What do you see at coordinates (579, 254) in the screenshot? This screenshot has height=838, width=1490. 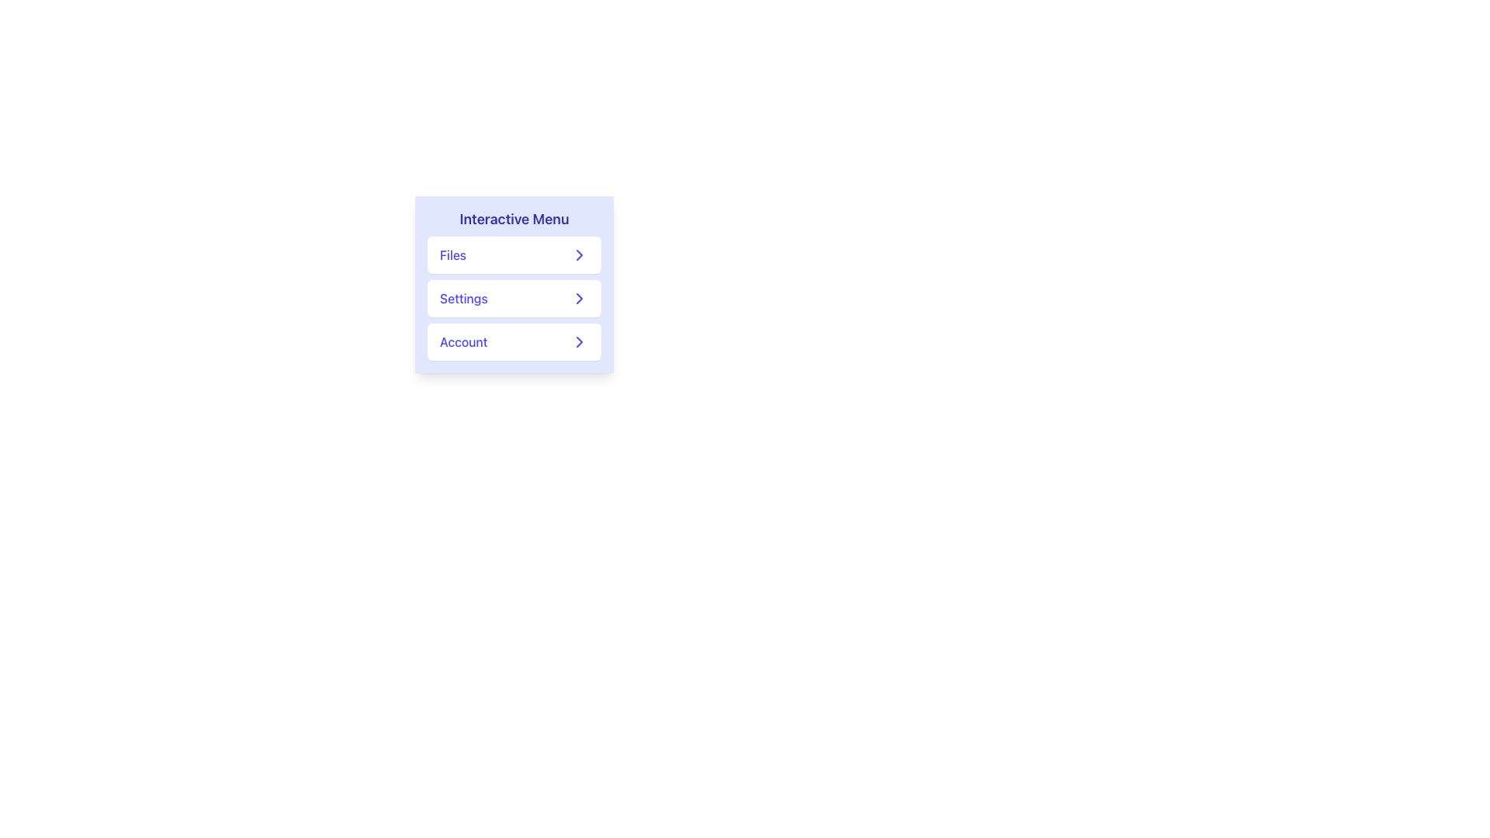 I see `the Chevron icon located on the right edge of the 'Files' menu entry` at bounding box center [579, 254].